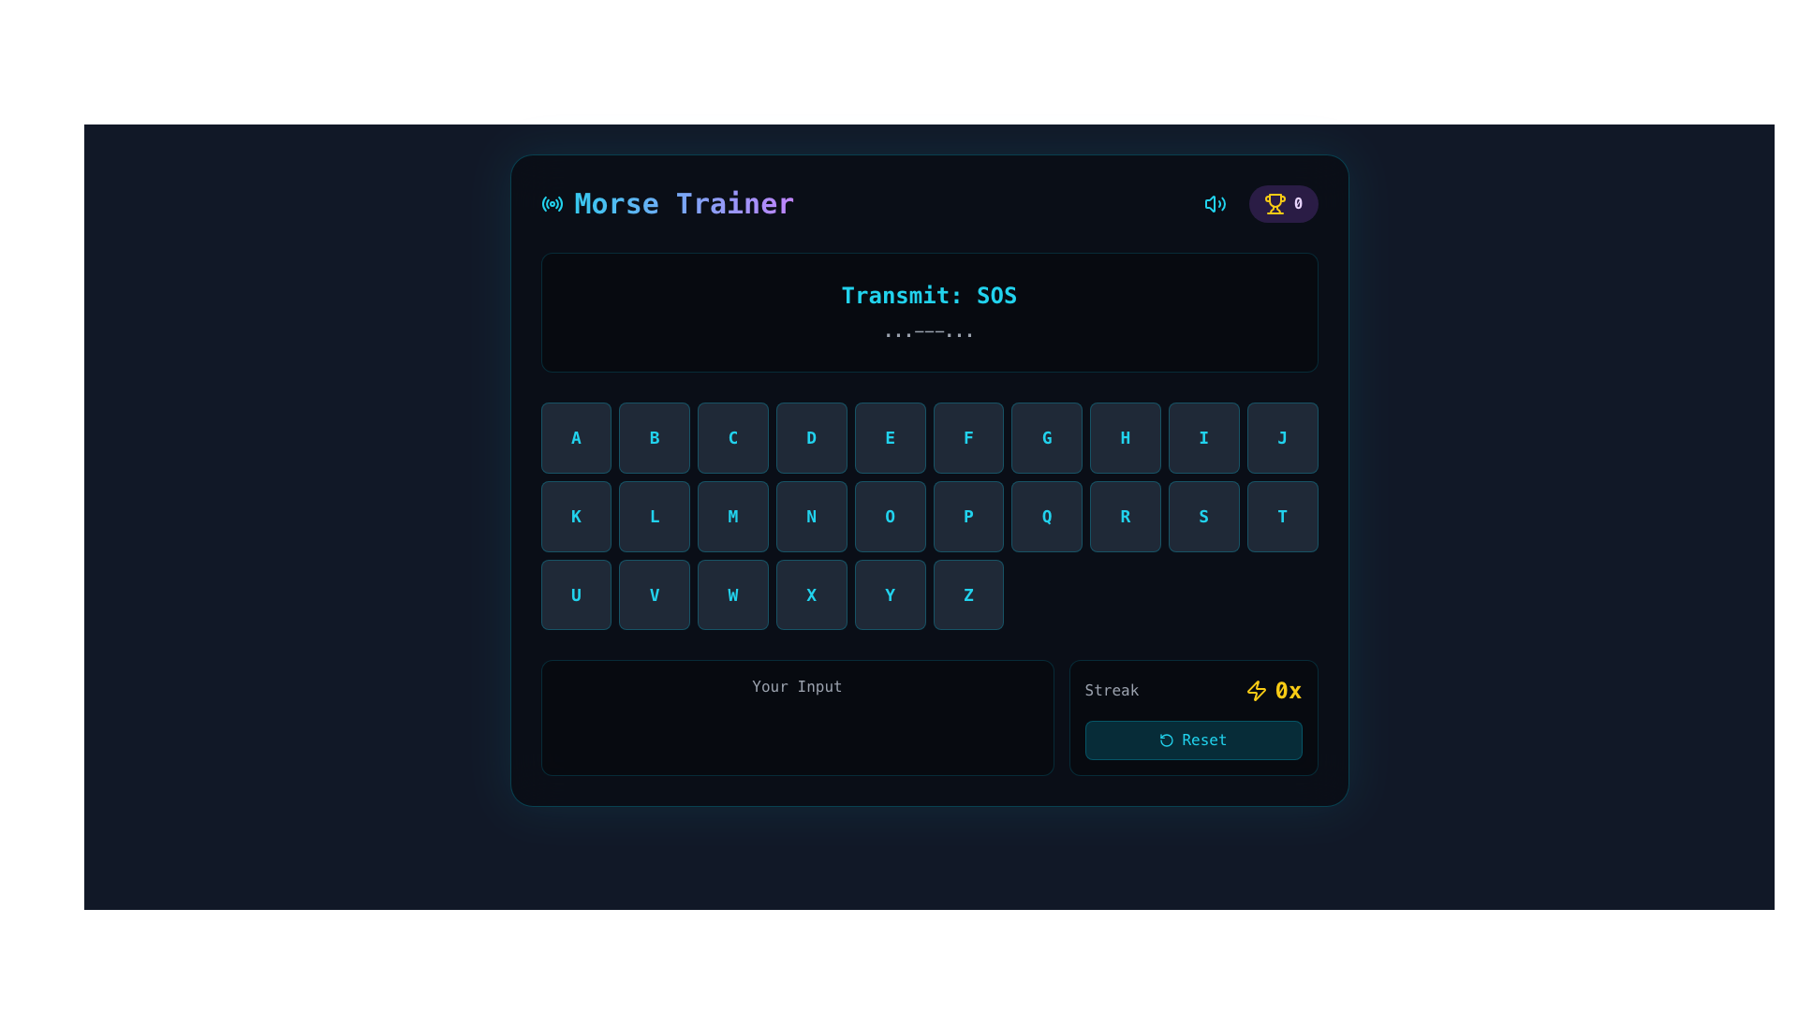 The width and height of the screenshot is (1798, 1011). I want to click on the square-shaped button with dark background and light cyan text displaying 'P' to trigger the hover effect, so click(968, 516).